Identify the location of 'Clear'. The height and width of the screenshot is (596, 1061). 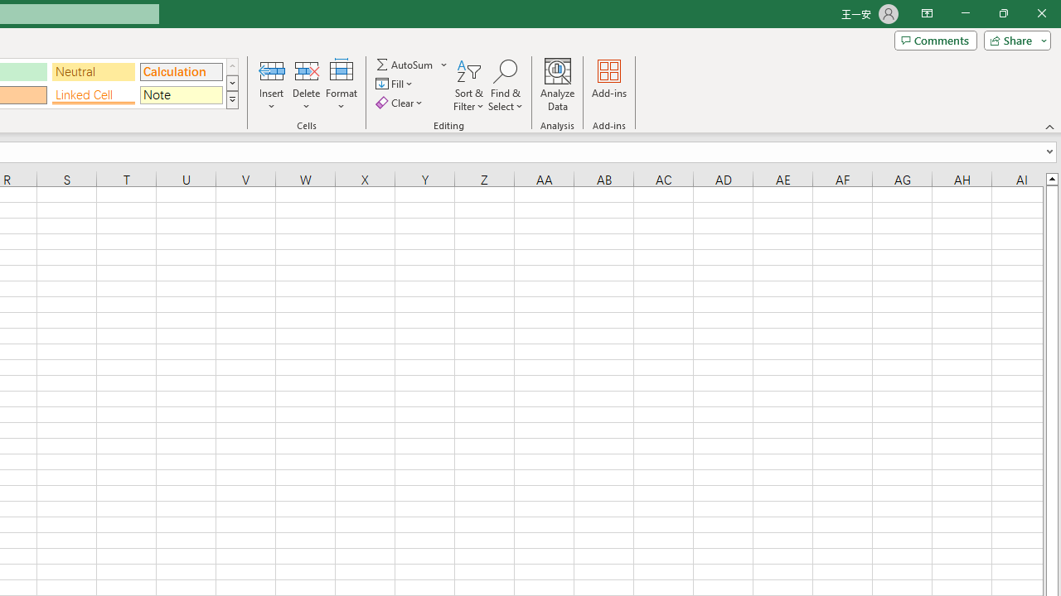
(400, 103).